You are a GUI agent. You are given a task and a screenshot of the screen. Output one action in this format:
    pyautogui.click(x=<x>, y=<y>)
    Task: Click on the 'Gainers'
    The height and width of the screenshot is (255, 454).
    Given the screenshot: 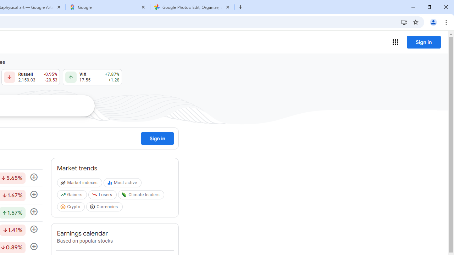 What is the action you would take?
    pyautogui.click(x=72, y=196)
    